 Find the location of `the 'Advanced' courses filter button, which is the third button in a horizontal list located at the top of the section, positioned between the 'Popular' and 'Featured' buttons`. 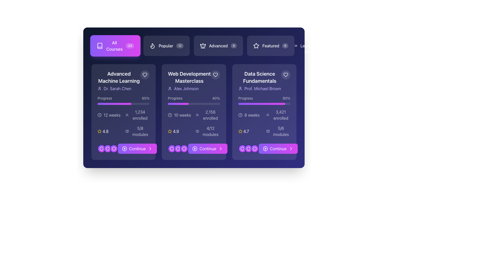

the 'Advanced' courses filter button, which is the third button in a horizontal list located at the top of the section, positioned between the 'Popular' and 'Featured' buttons is located at coordinates (218, 46).